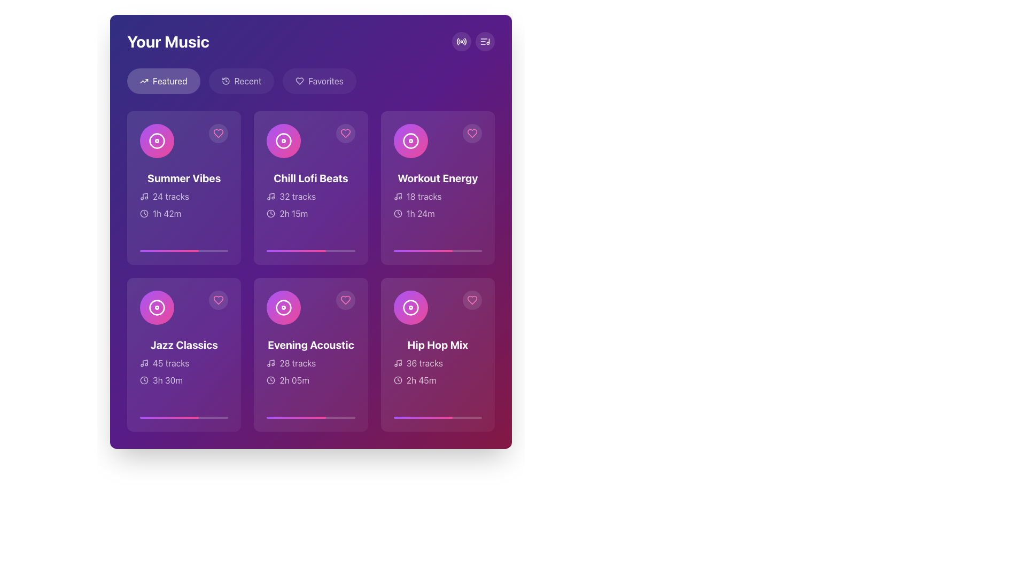  I want to click on the compact disc icon located in the 'Workout Energy' card, which is visually represented with a circular shape and a gradient background transitioning from purple to pink, so click(410, 140).